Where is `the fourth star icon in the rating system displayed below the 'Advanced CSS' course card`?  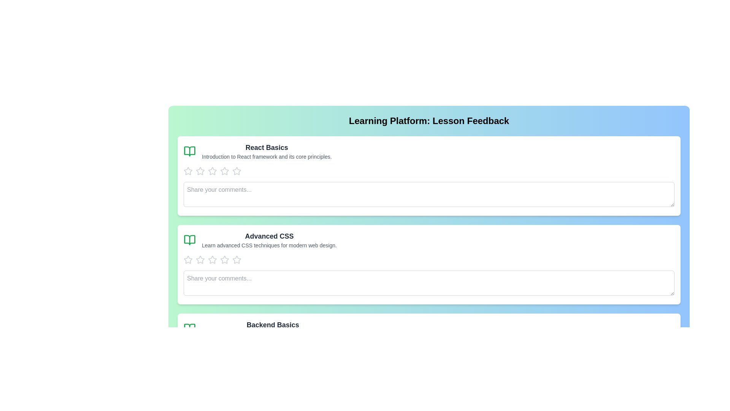 the fourth star icon in the rating system displayed below the 'Advanced CSS' course card is located at coordinates (236, 259).